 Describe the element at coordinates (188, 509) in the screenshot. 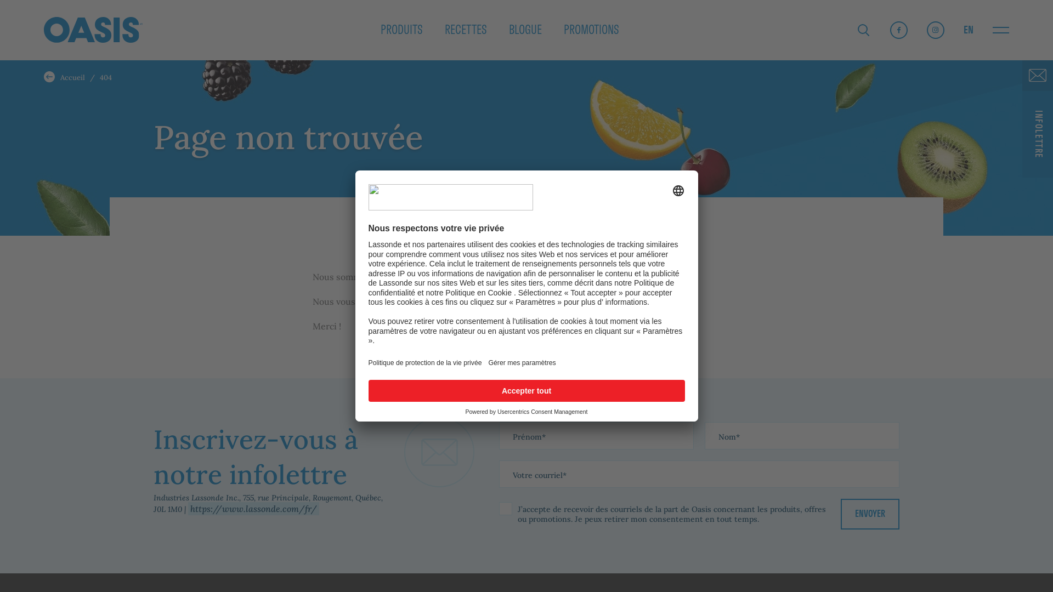

I see `'https://www.lassonde.com/fr/'` at that location.